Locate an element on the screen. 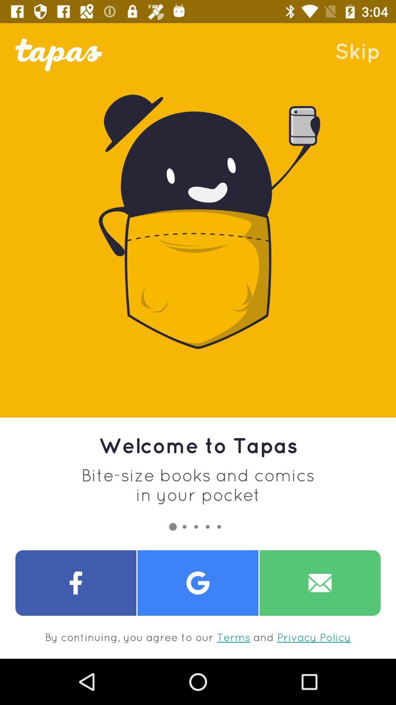 This screenshot has width=396, height=705. share with e-mail is located at coordinates (319, 582).